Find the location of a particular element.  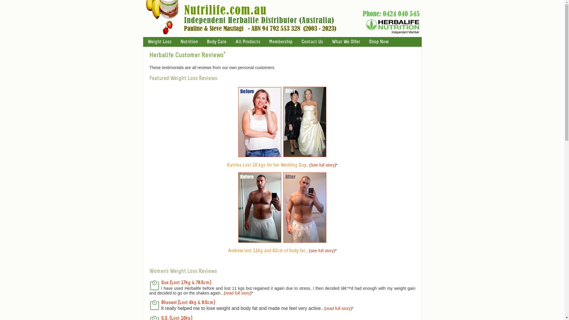

'Sue (Lost 17kg & 76.5cm)' is located at coordinates (186, 282).